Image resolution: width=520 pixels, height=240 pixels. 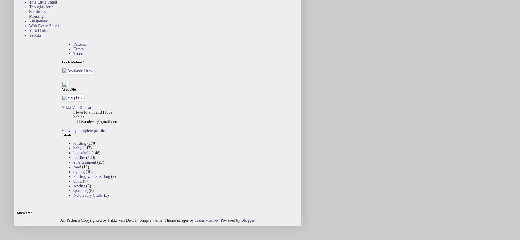 What do you see at coordinates (82, 166) in the screenshot?
I see `'(12)'` at bounding box center [82, 166].